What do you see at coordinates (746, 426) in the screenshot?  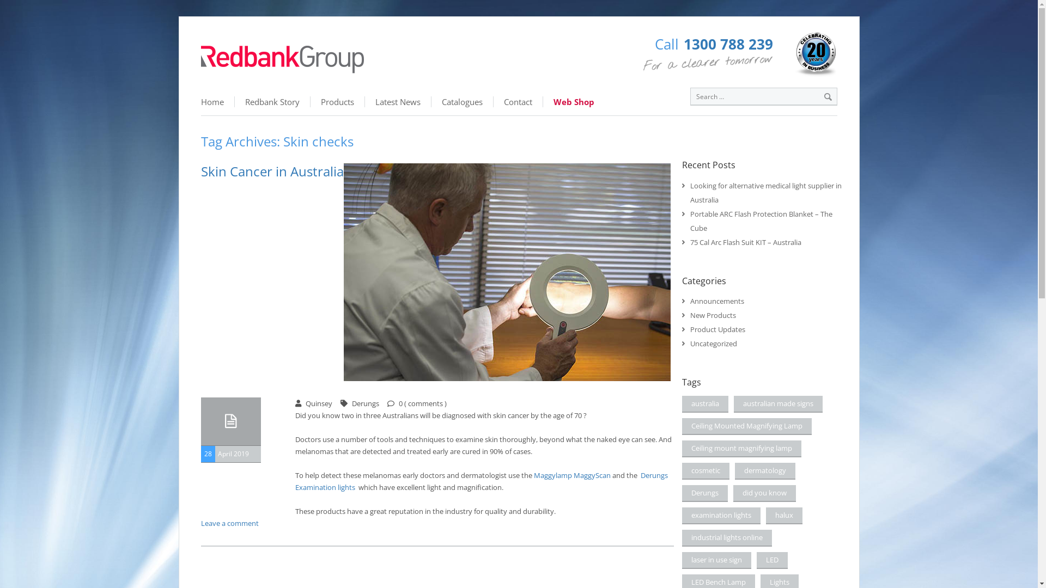 I see `'Ceiling Mounted Magnifying Lamp'` at bounding box center [746, 426].